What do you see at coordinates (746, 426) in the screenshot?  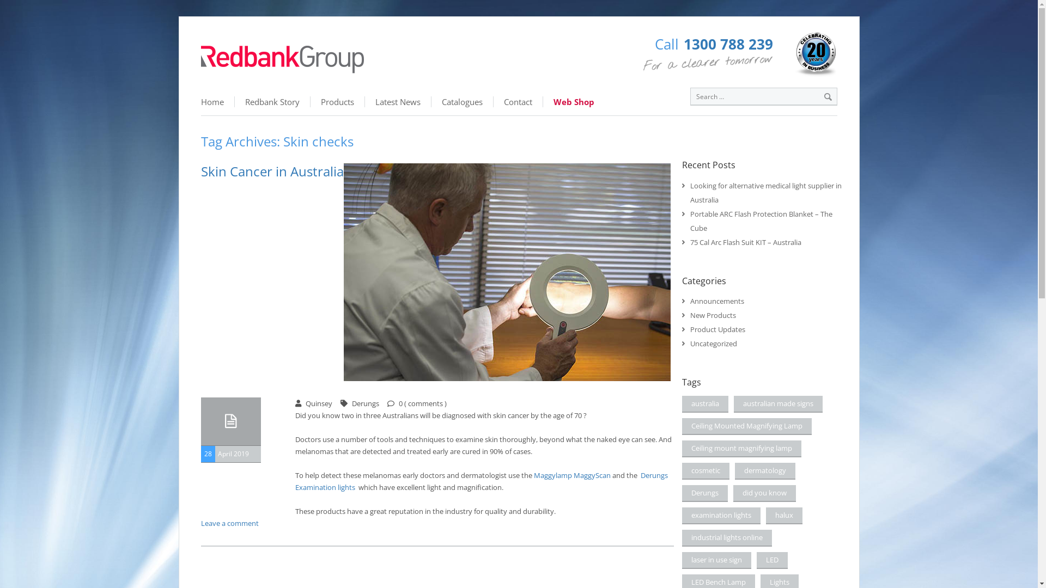 I see `'Ceiling Mounted Magnifying Lamp'` at bounding box center [746, 426].